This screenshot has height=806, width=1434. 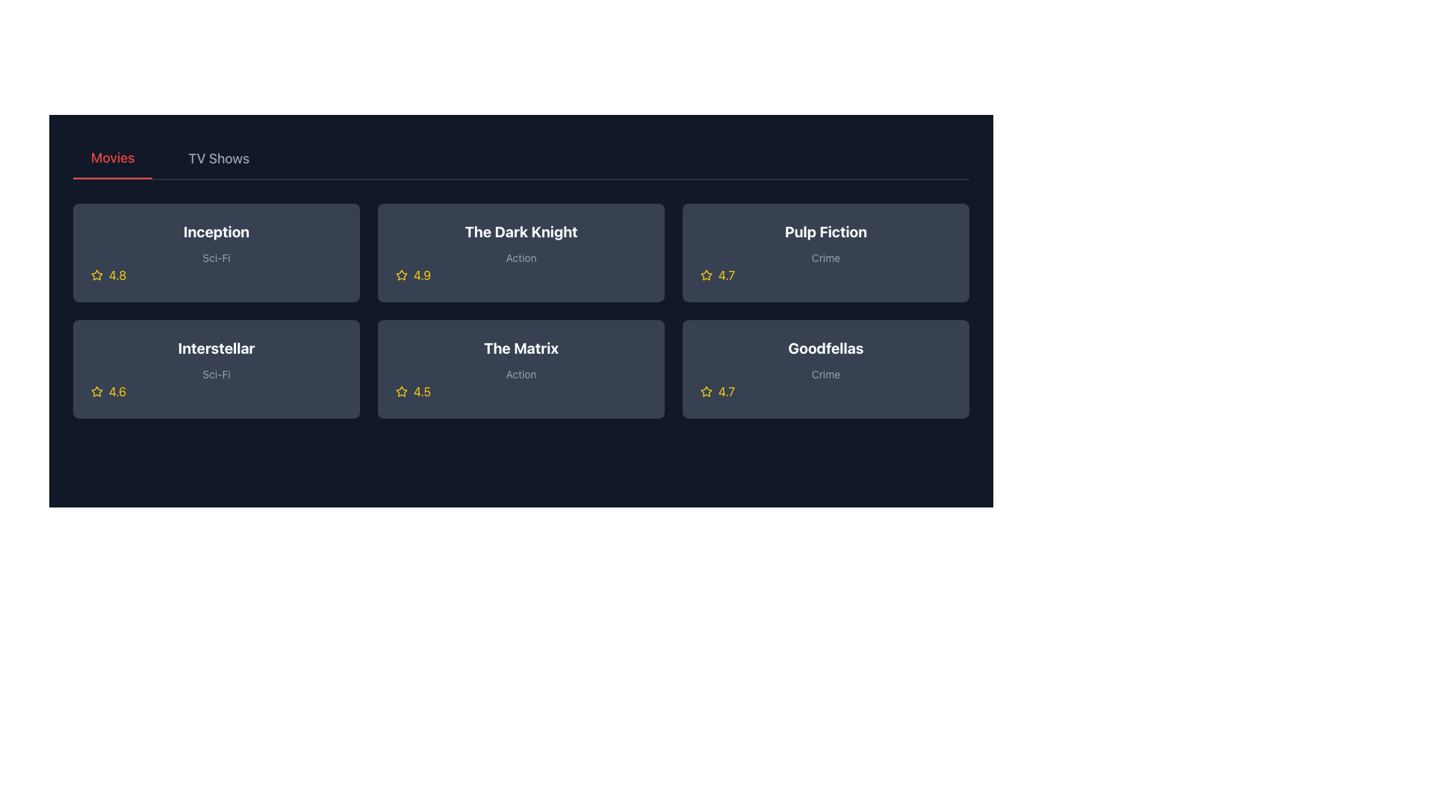 What do you see at coordinates (215, 360) in the screenshot?
I see `assistive technologies` at bounding box center [215, 360].